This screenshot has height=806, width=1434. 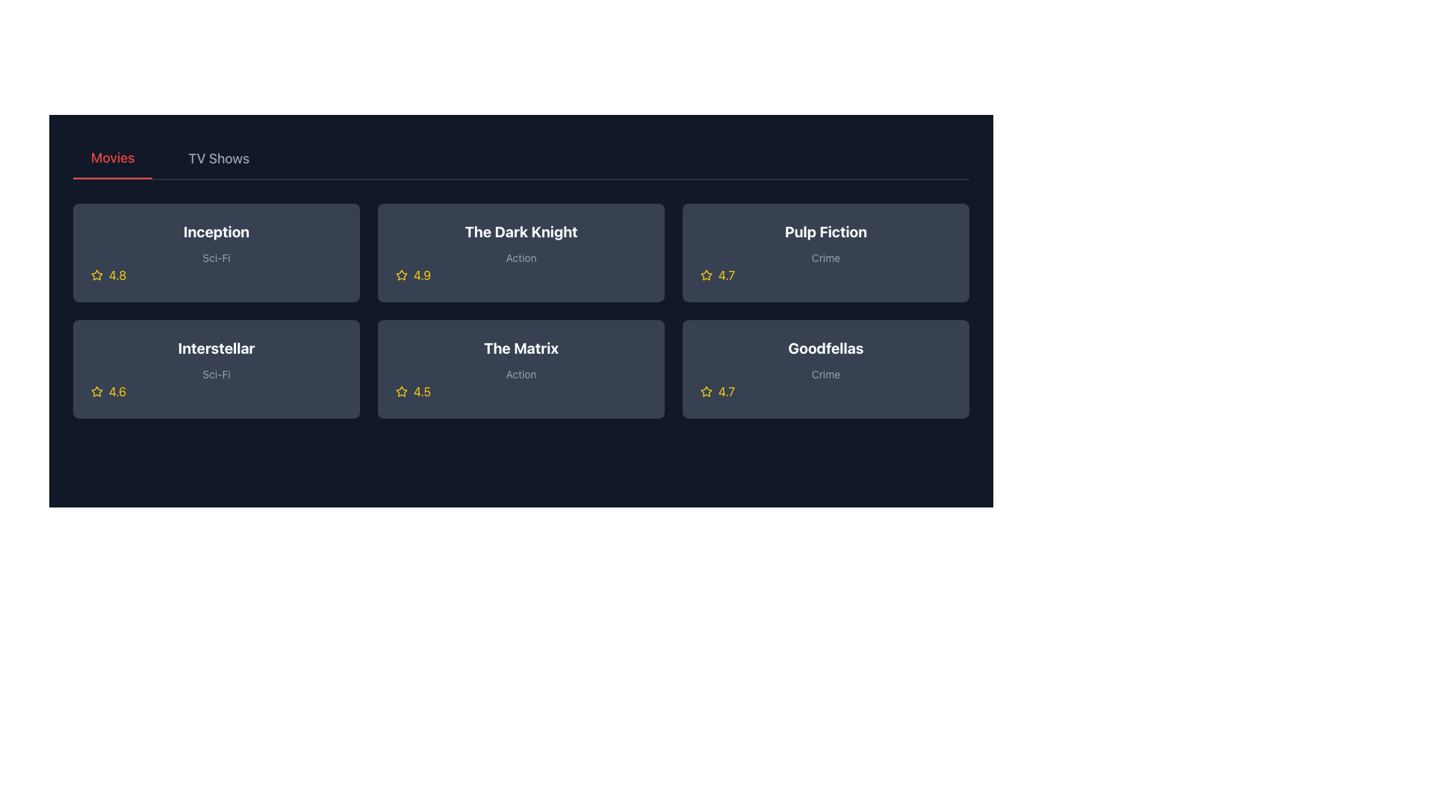 What do you see at coordinates (215, 360) in the screenshot?
I see `assistive technologies` at bounding box center [215, 360].